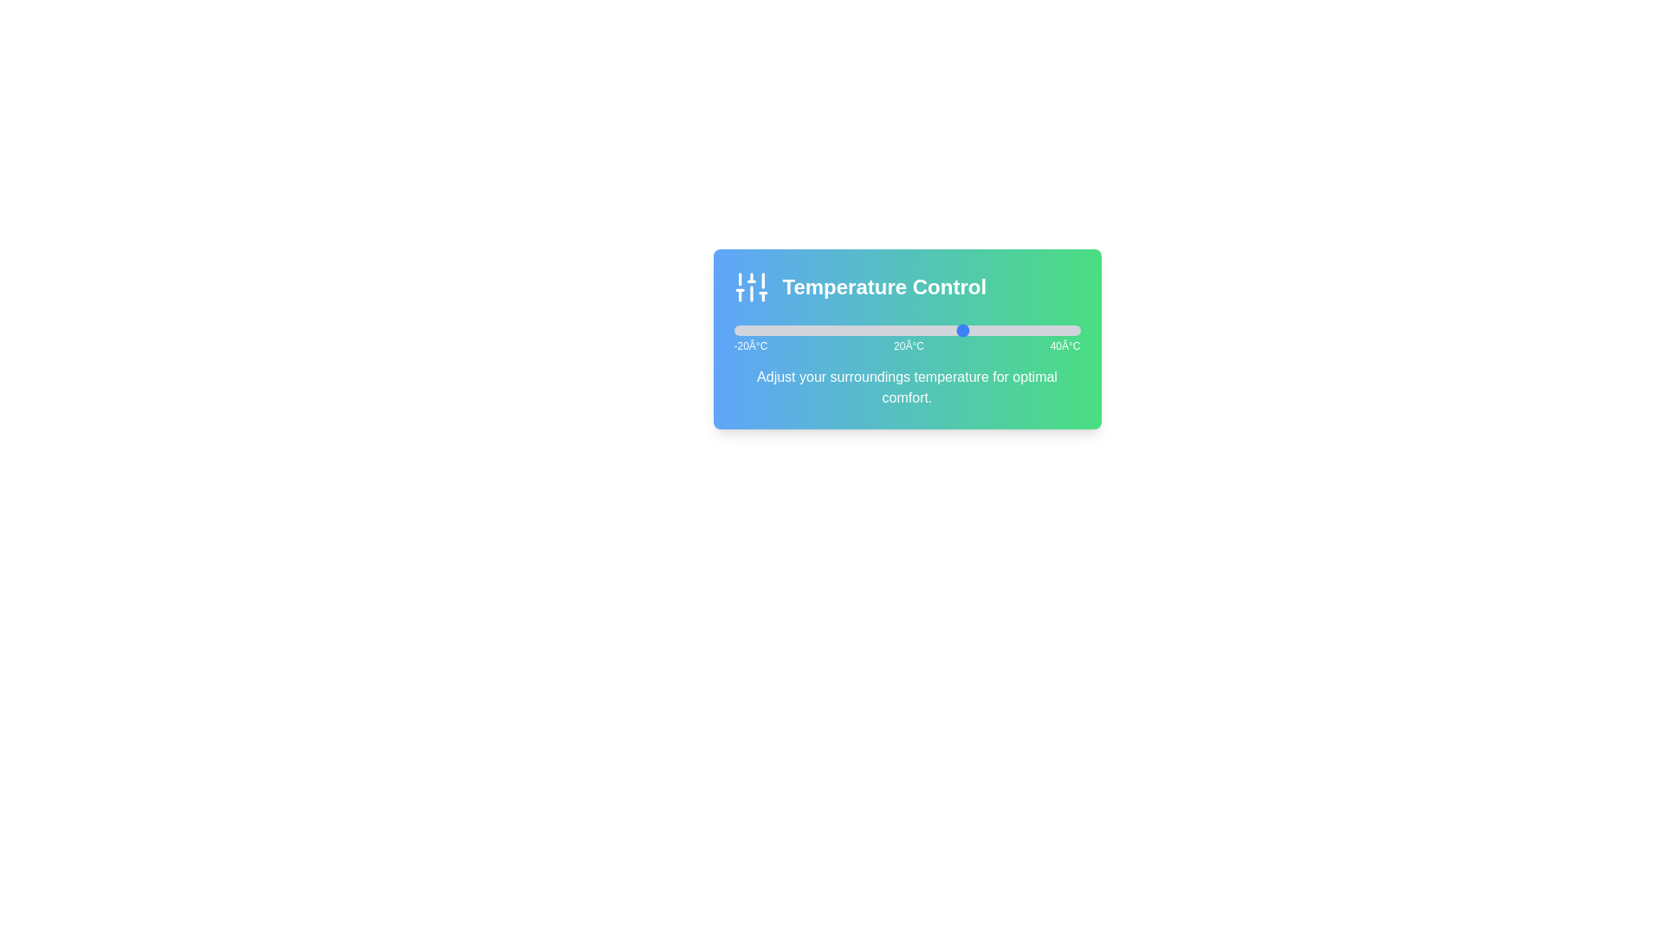  Describe the element at coordinates (1051, 330) in the screenshot. I see `the temperature slider to 35°C` at that location.